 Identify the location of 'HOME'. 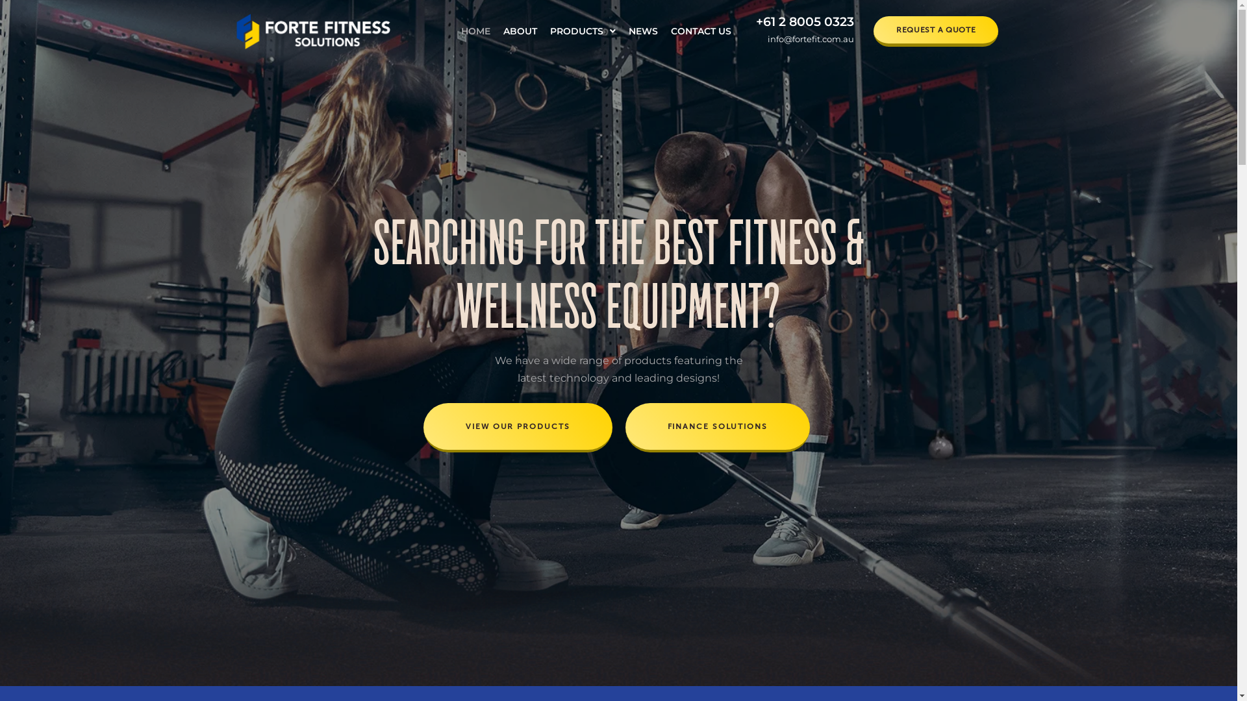
(475, 30).